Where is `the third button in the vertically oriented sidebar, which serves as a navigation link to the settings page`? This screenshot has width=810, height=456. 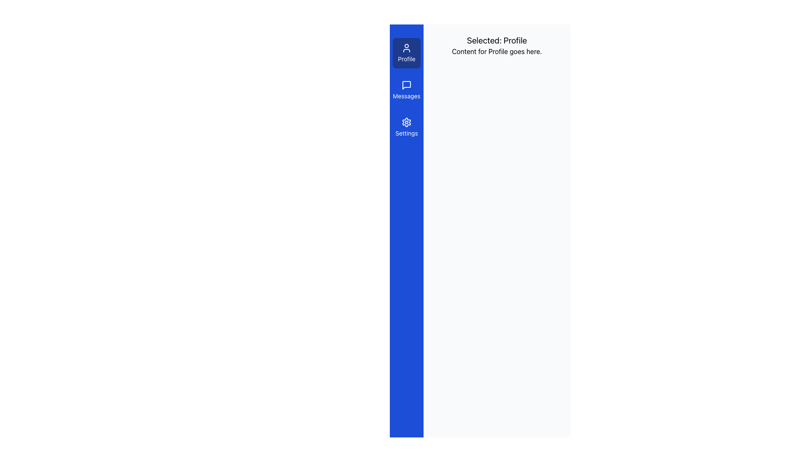 the third button in the vertically oriented sidebar, which serves as a navigation link to the settings page is located at coordinates (407, 127).